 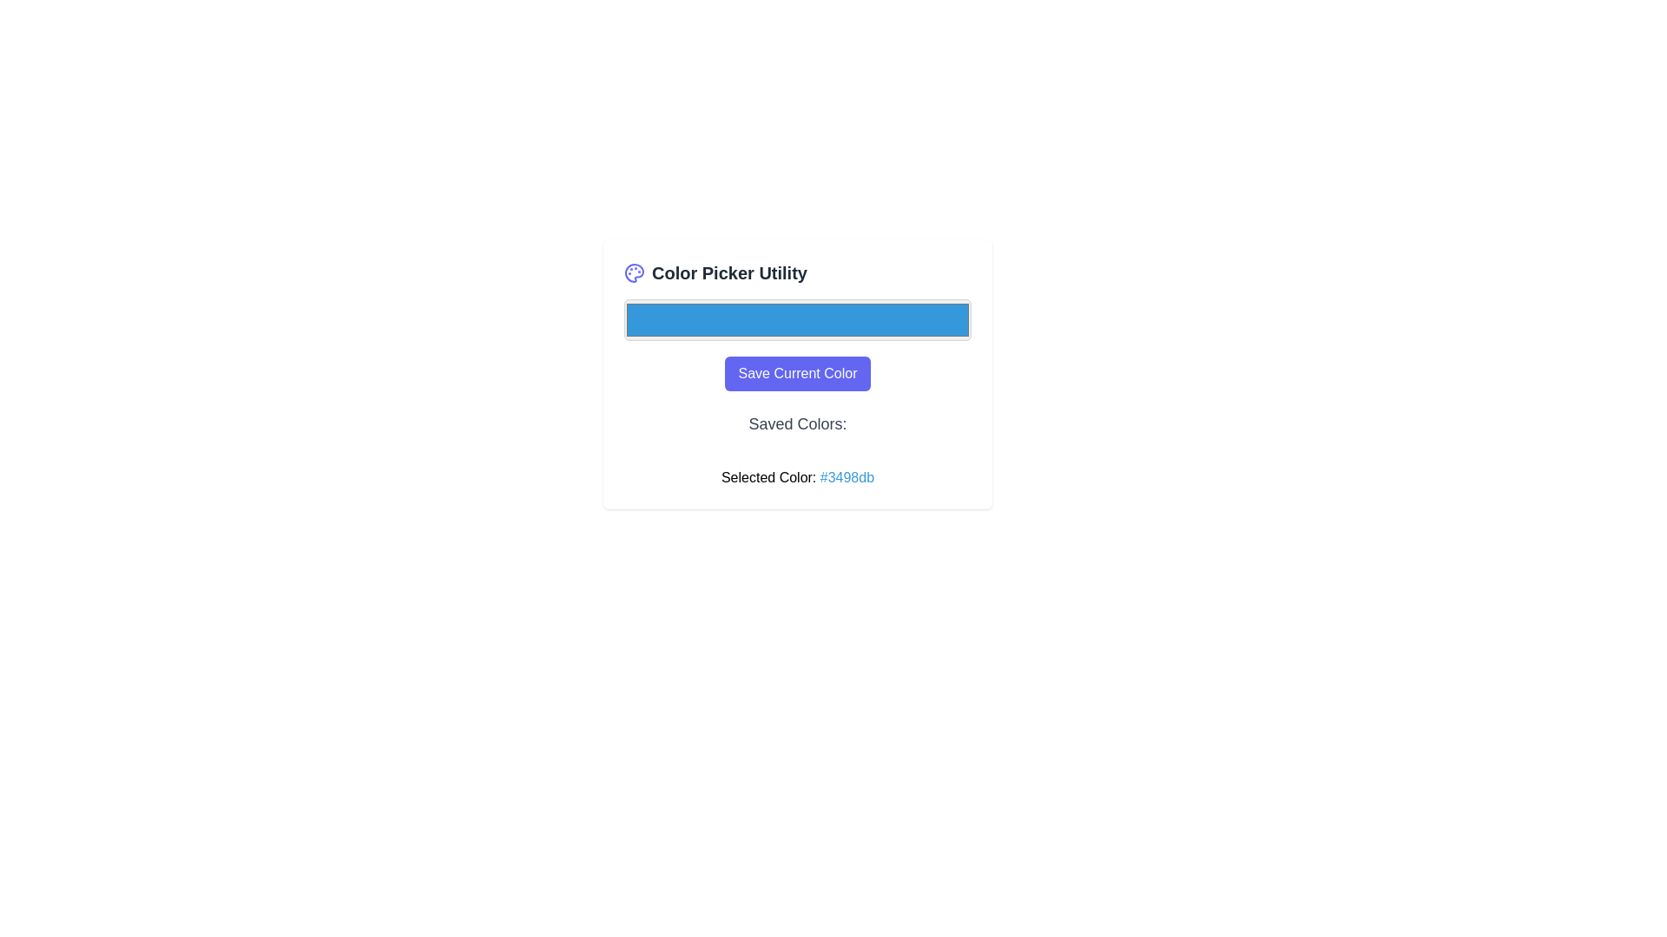 I want to click on the text label that indicates the section where saved colors are displayed, located below the 'Save Current Color' button and above the saved colors section, so click(x=796, y=424).